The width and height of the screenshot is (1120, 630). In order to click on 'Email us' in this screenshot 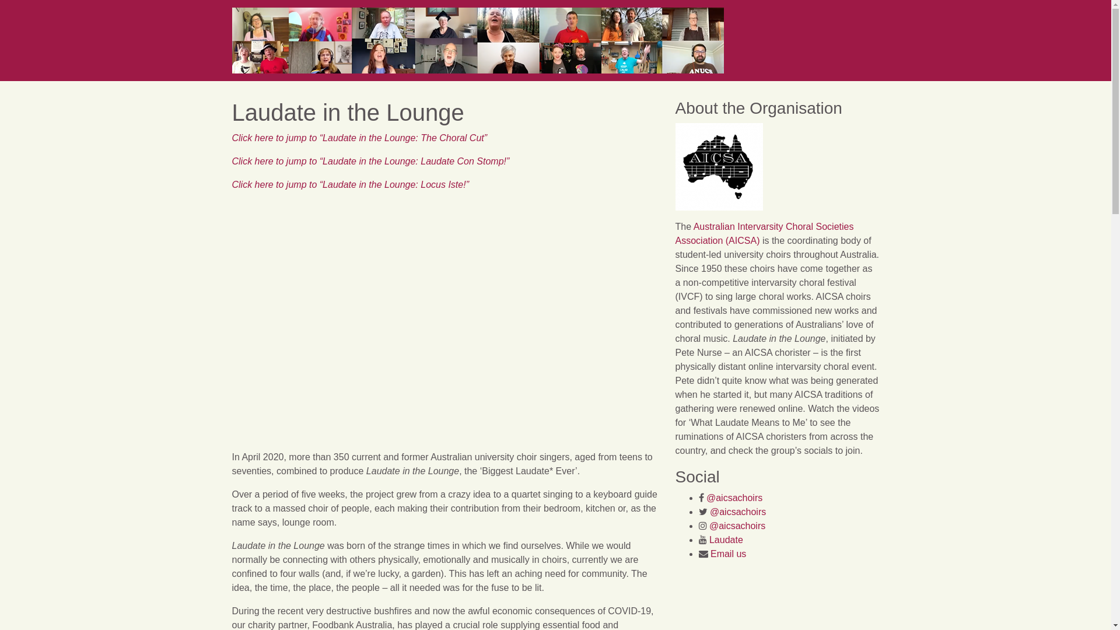, I will do `click(727, 553)`.